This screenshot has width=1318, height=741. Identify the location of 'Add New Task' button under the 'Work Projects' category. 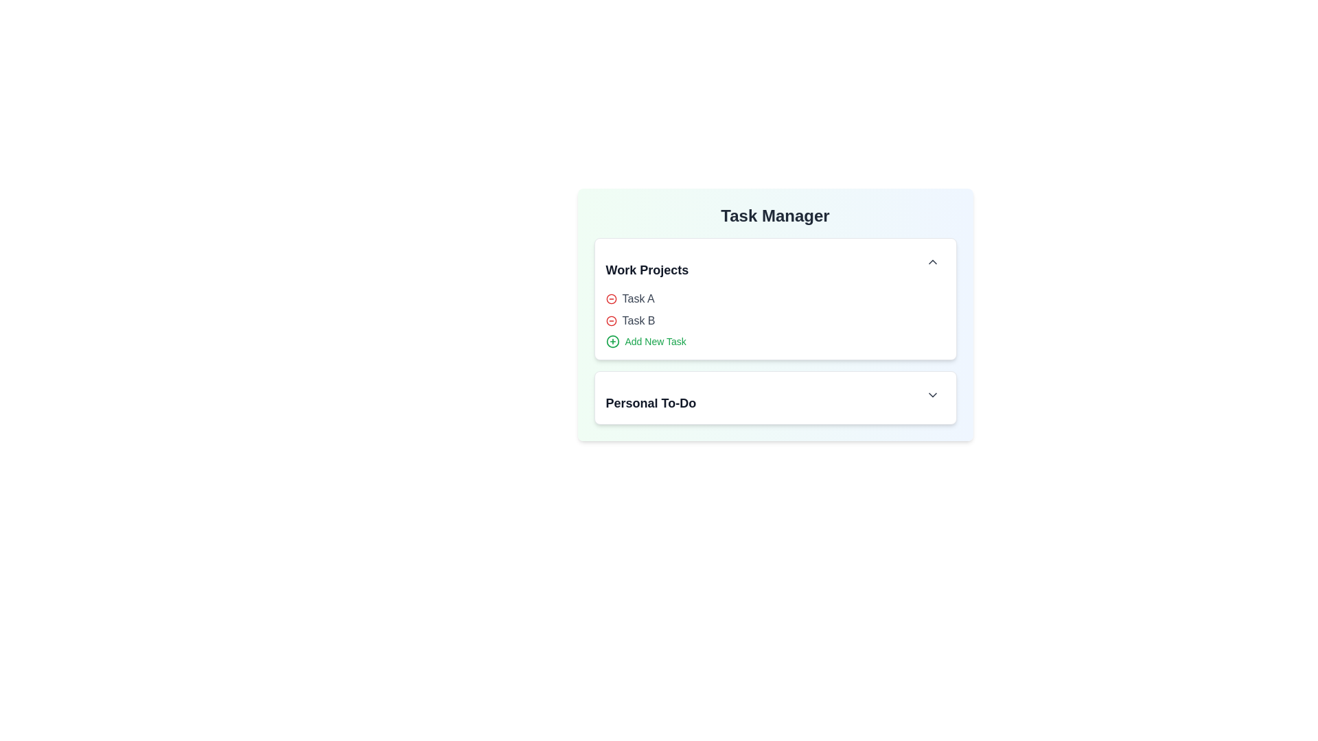
(645, 340).